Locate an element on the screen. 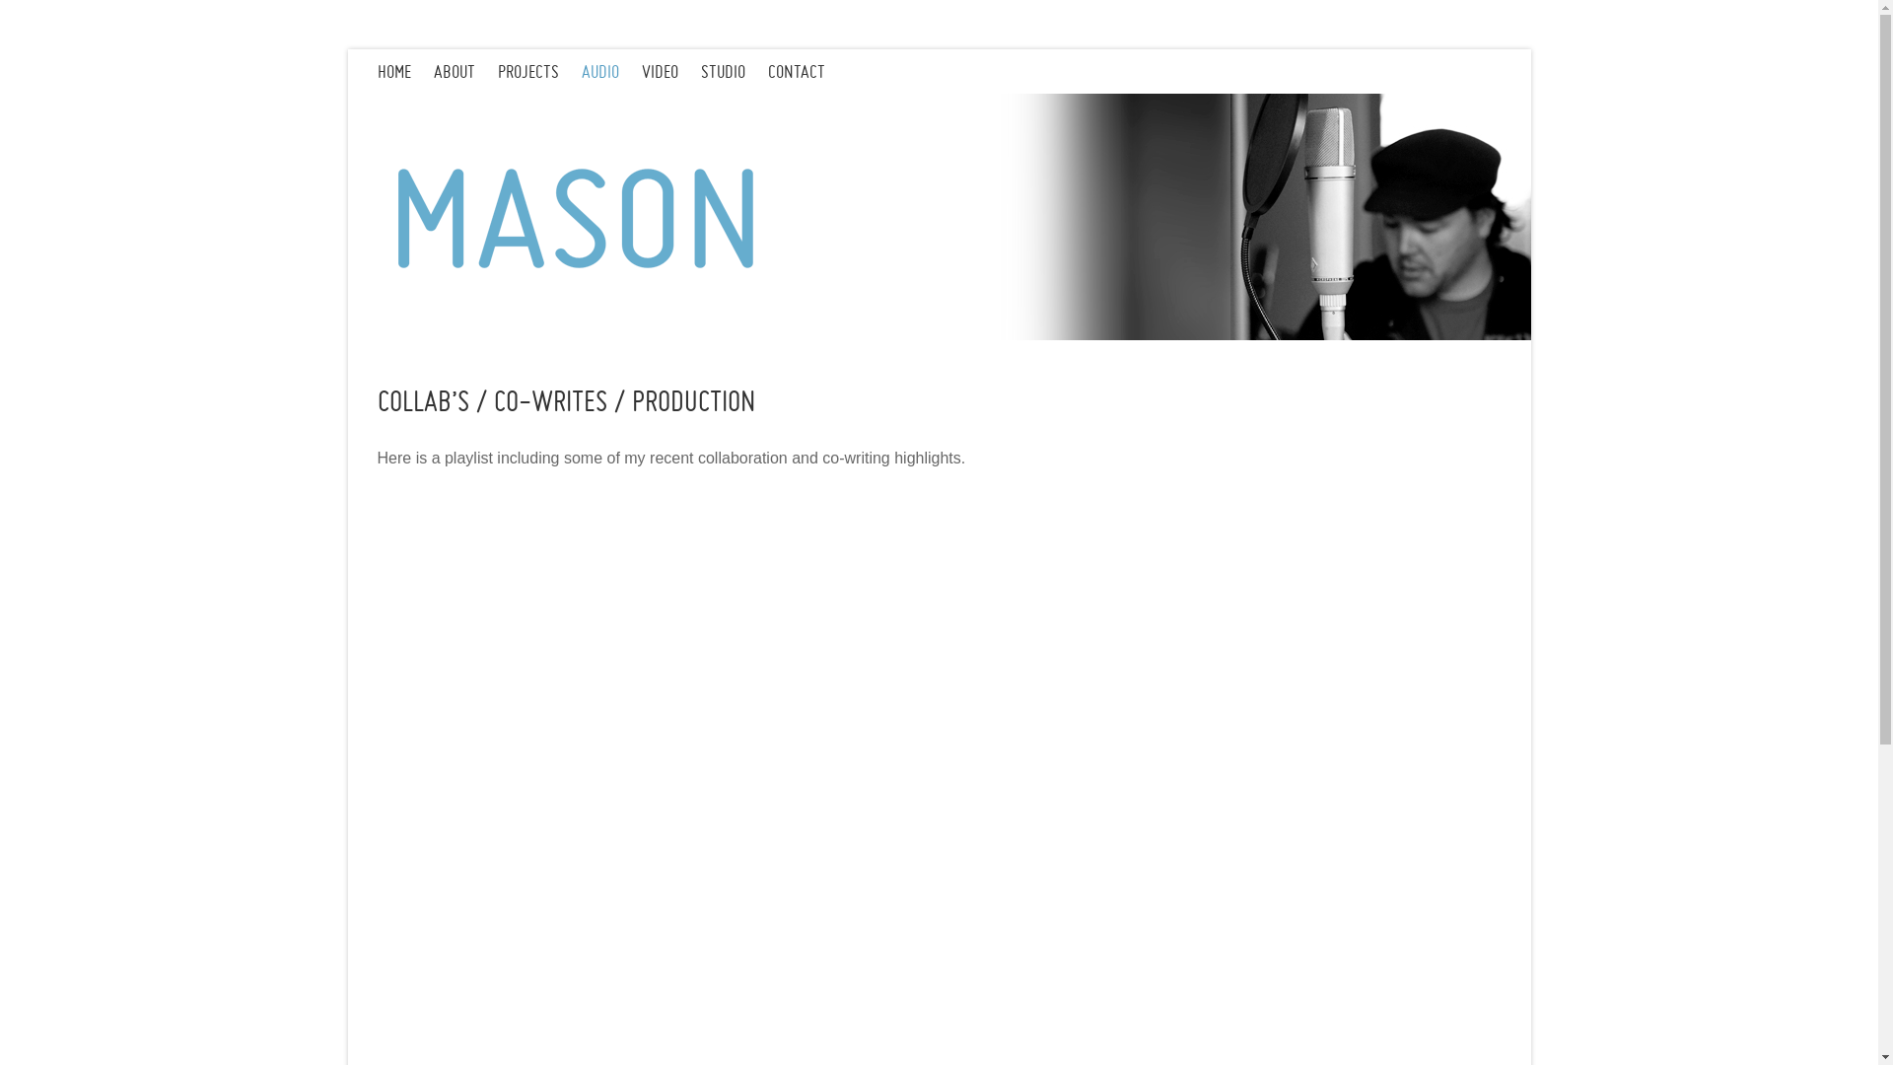 This screenshot has height=1065, width=1893. 'VIDEO' is located at coordinates (670, 70).